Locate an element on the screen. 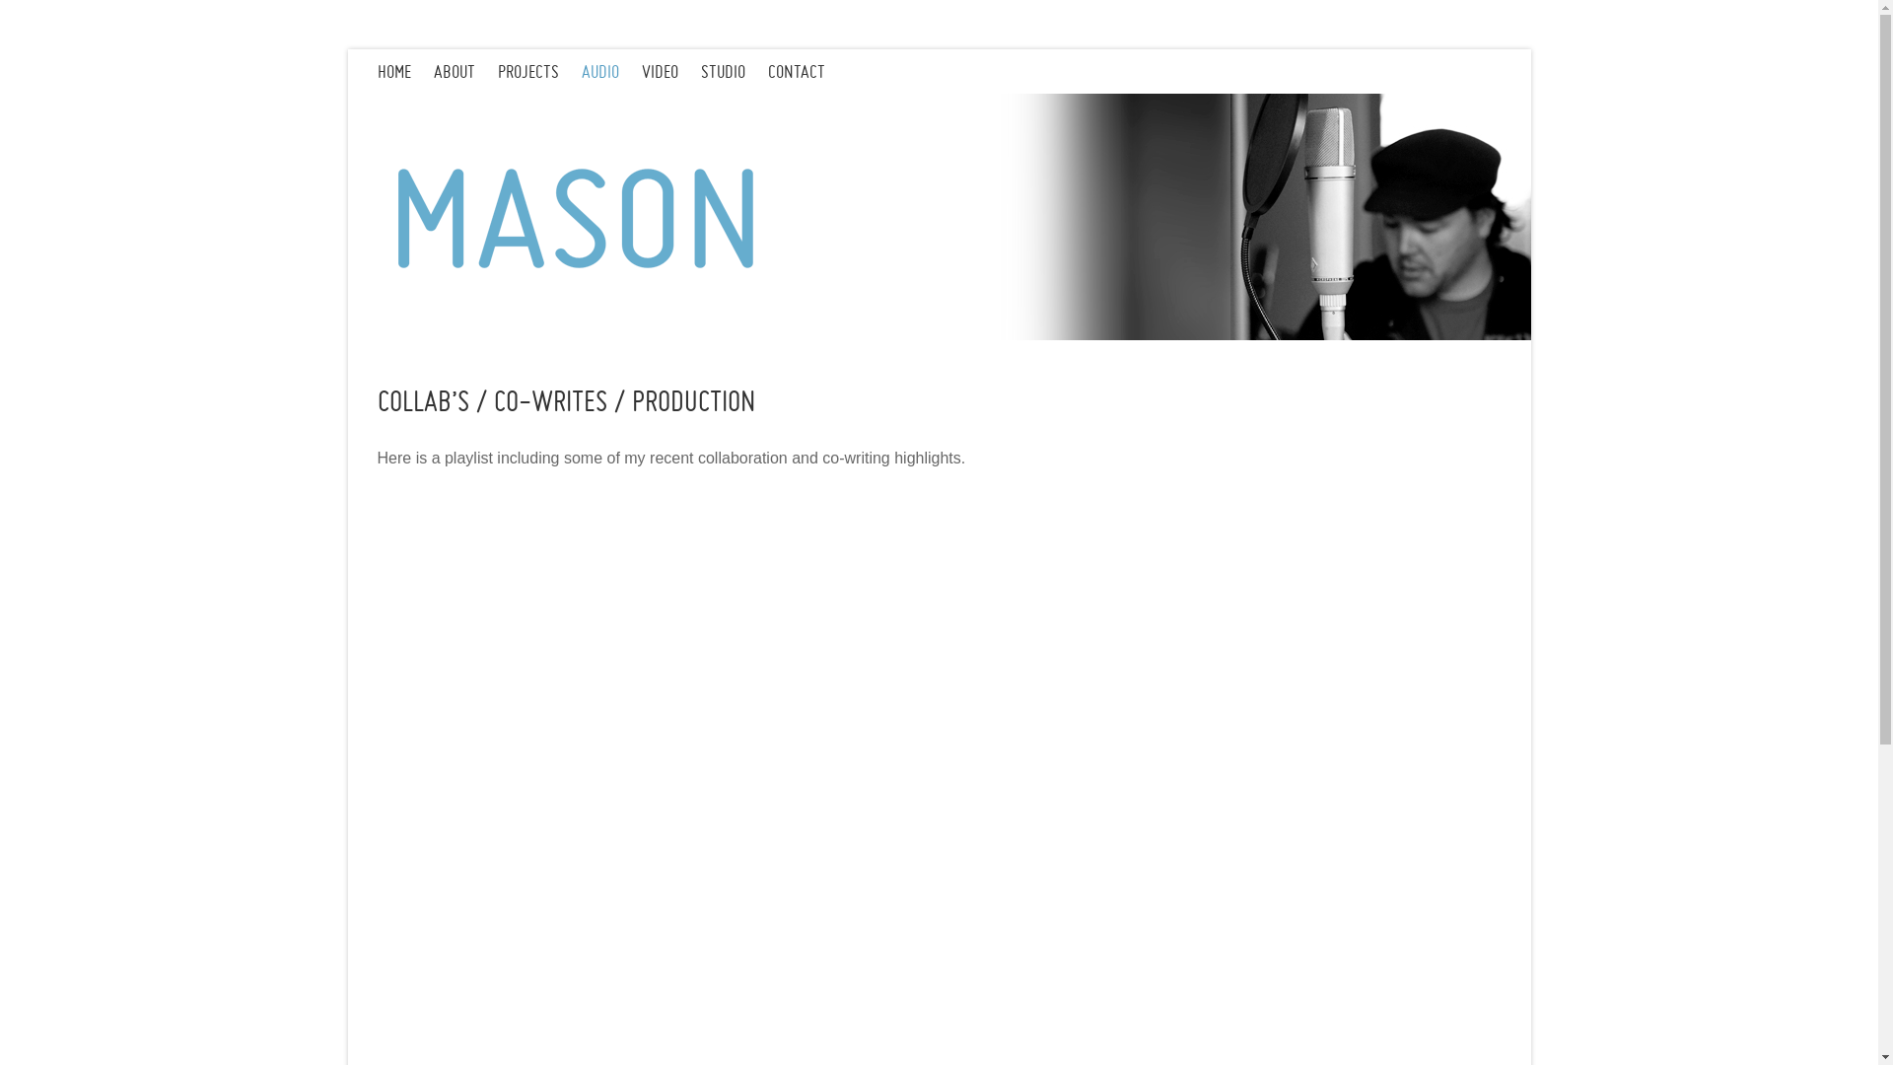 This screenshot has height=1065, width=1893. 'VIDEO' is located at coordinates (670, 70).